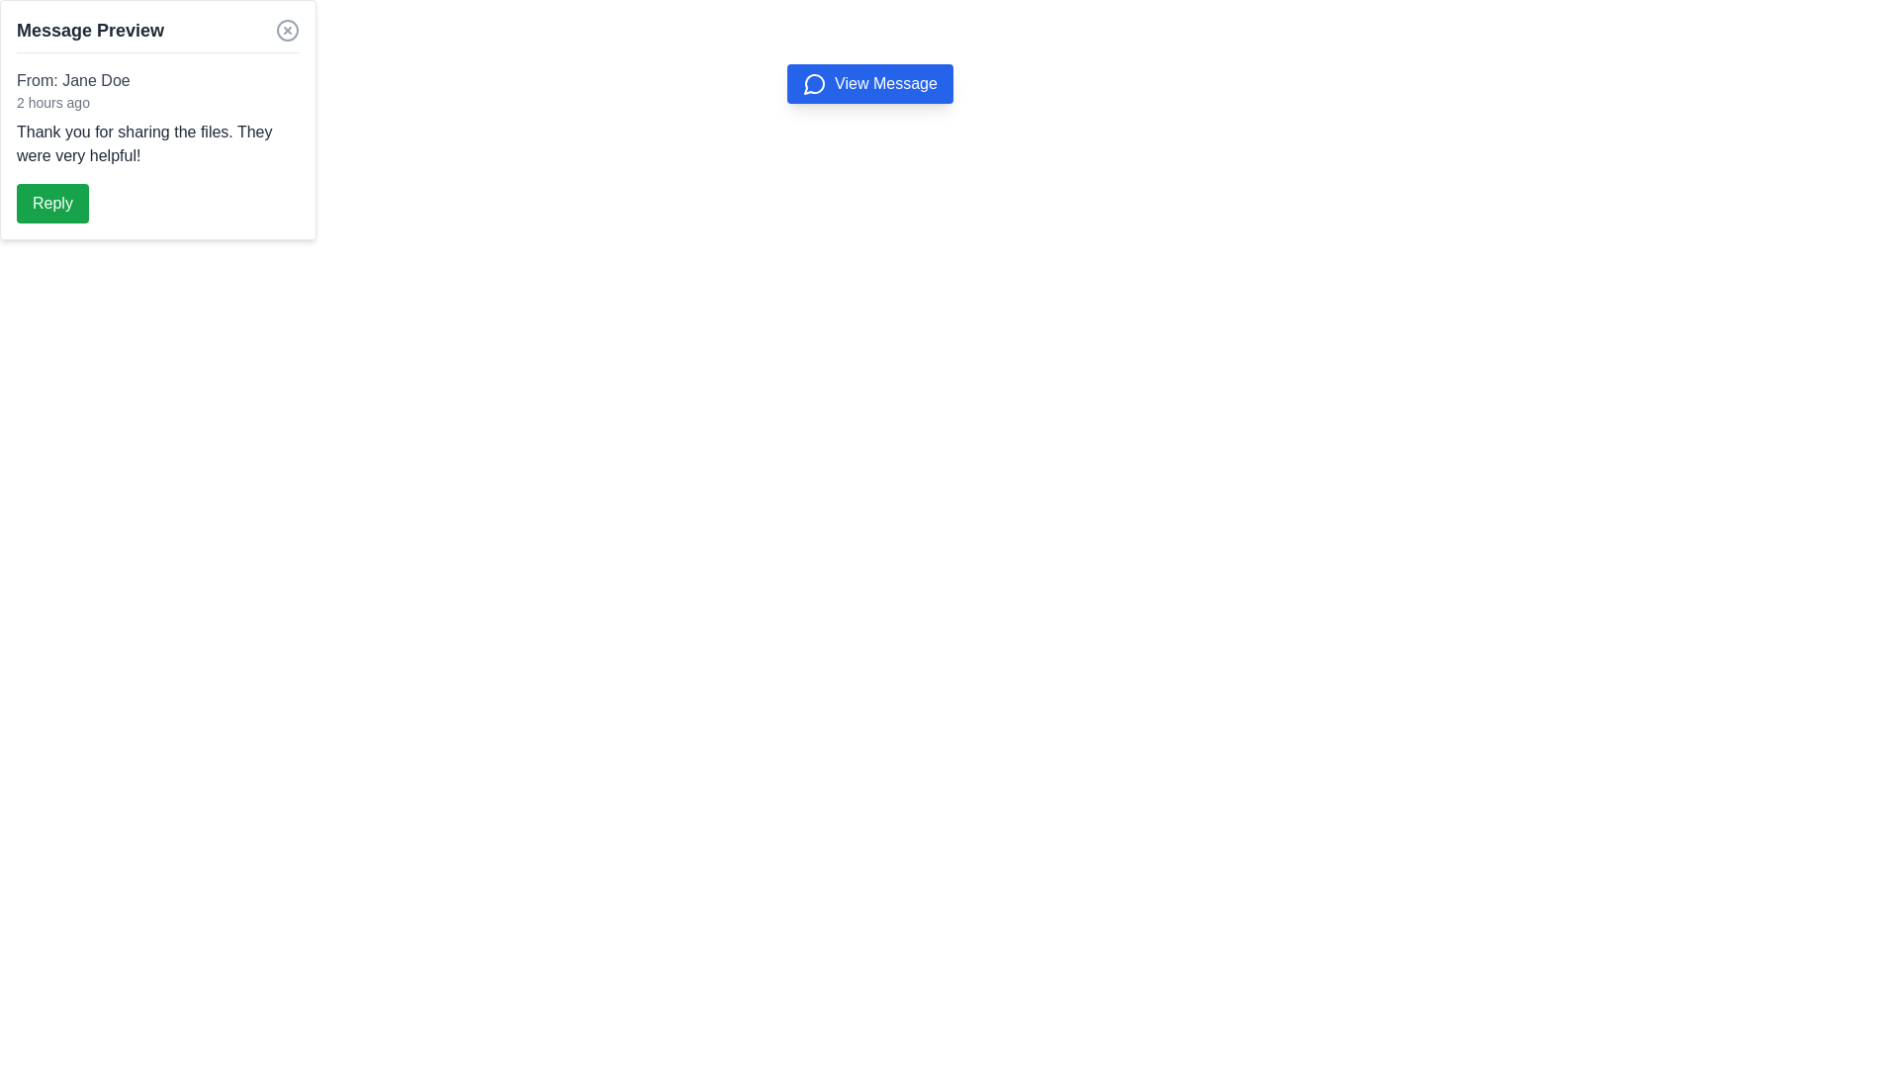 The image size is (1899, 1068). I want to click on the speech bubble icon, which is styled in blue and located to the left of the 'View Message' button text, so click(815, 82).